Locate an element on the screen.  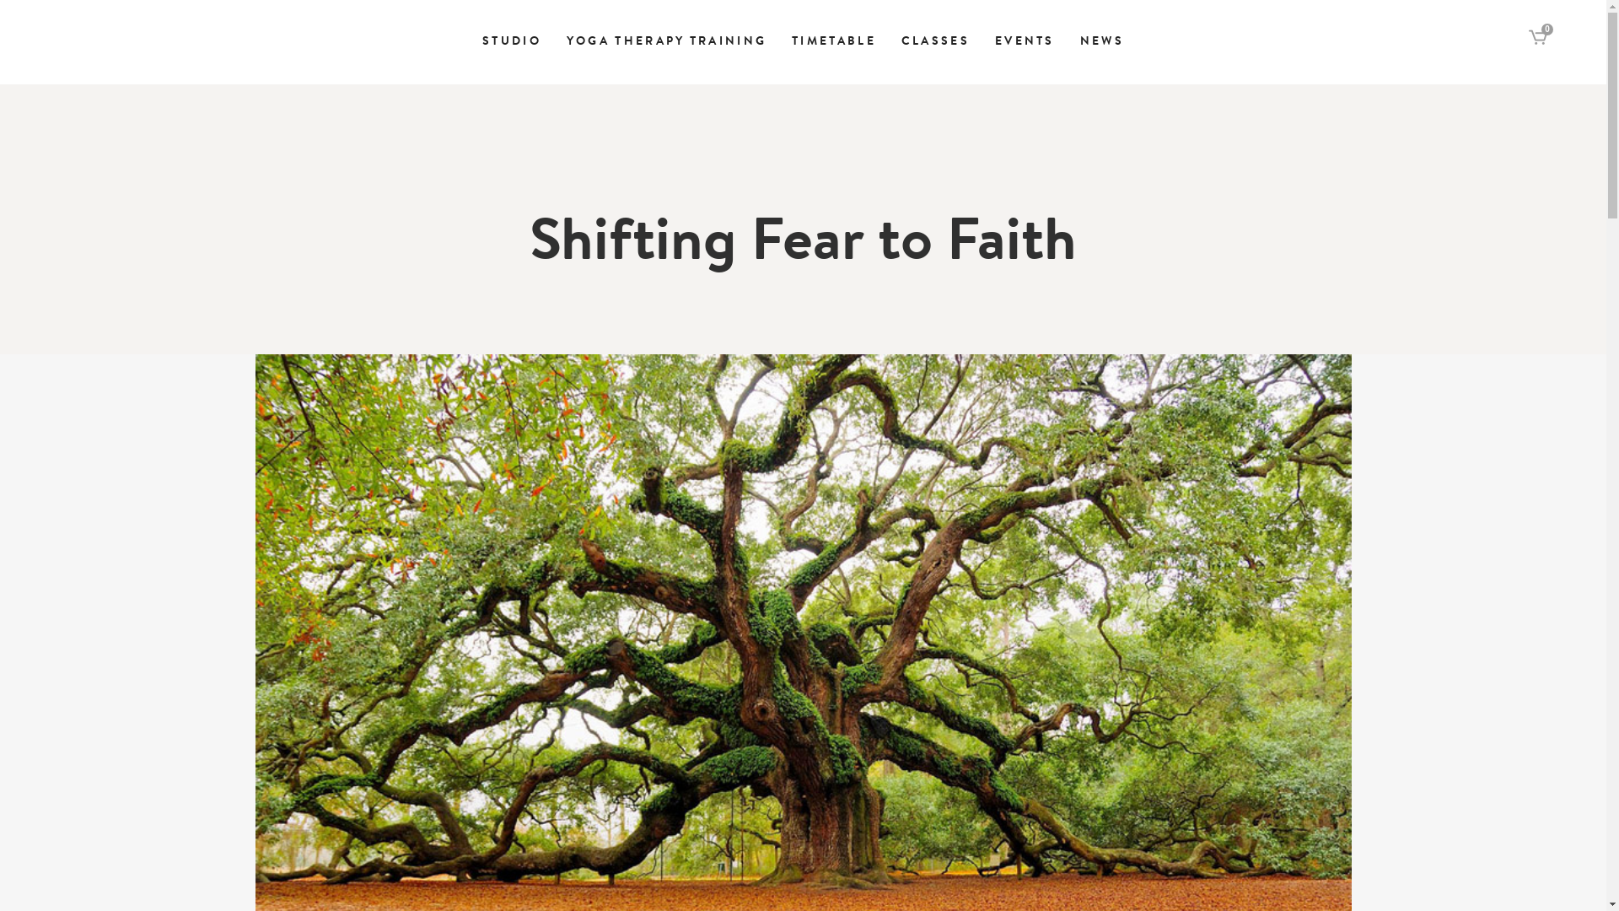
'TIMETABLE' is located at coordinates (778, 41).